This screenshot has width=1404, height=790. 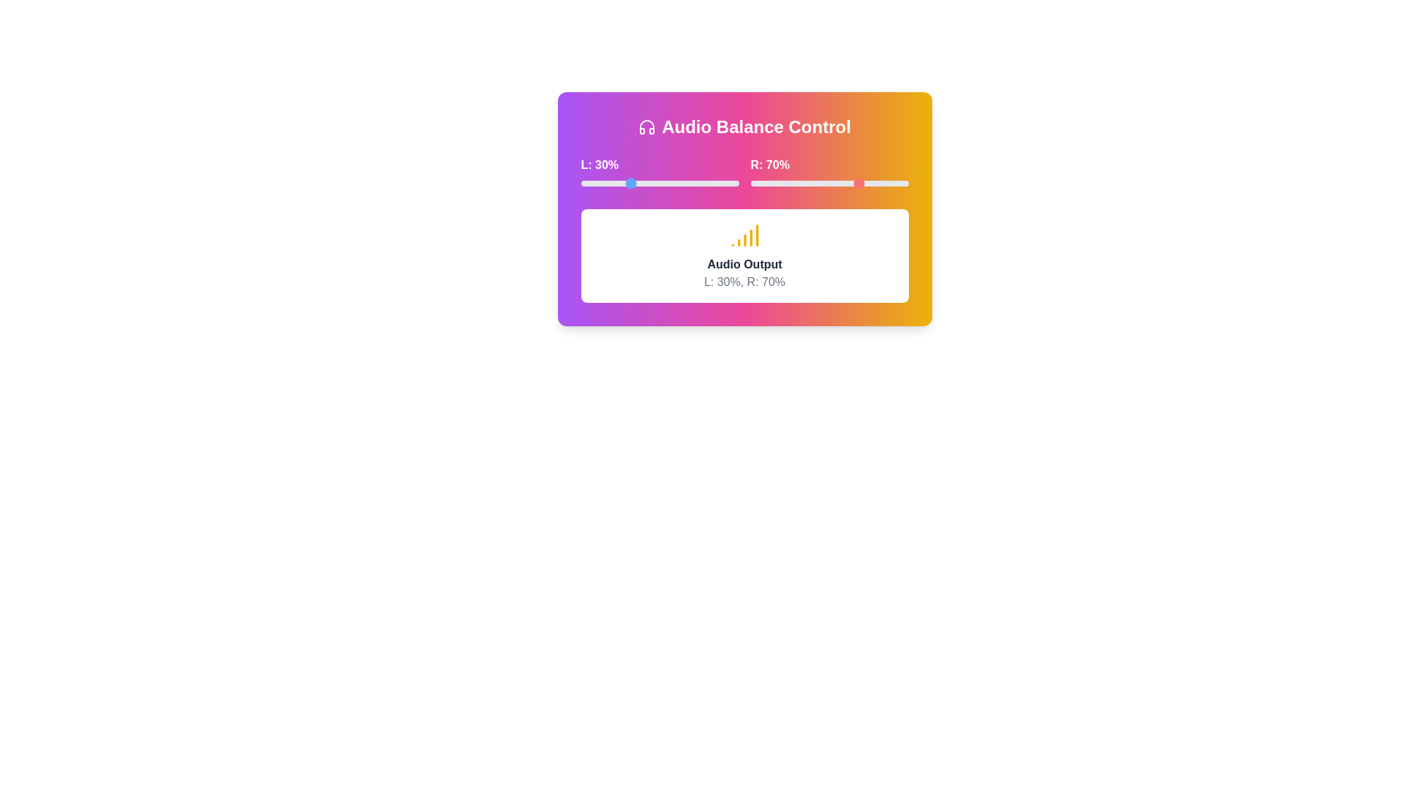 I want to click on the left volume slider to 86%, so click(x=717, y=182).